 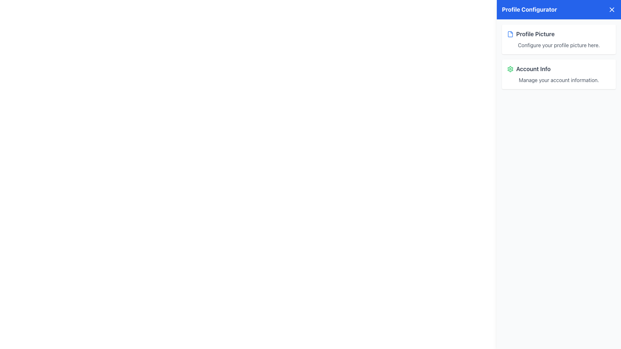 What do you see at coordinates (535, 34) in the screenshot?
I see `the 'Profile Picture' text label in the 'Profile Configurator' panel, which is styled with a gray font color, medium-large size, and bold weight` at bounding box center [535, 34].